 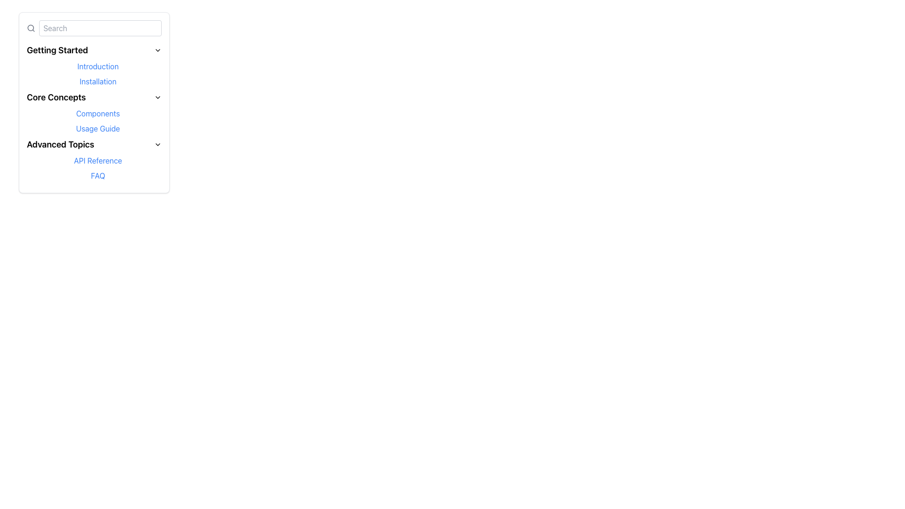 What do you see at coordinates (98, 129) in the screenshot?
I see `the 'Usage Guide' hyperlink located` at bounding box center [98, 129].